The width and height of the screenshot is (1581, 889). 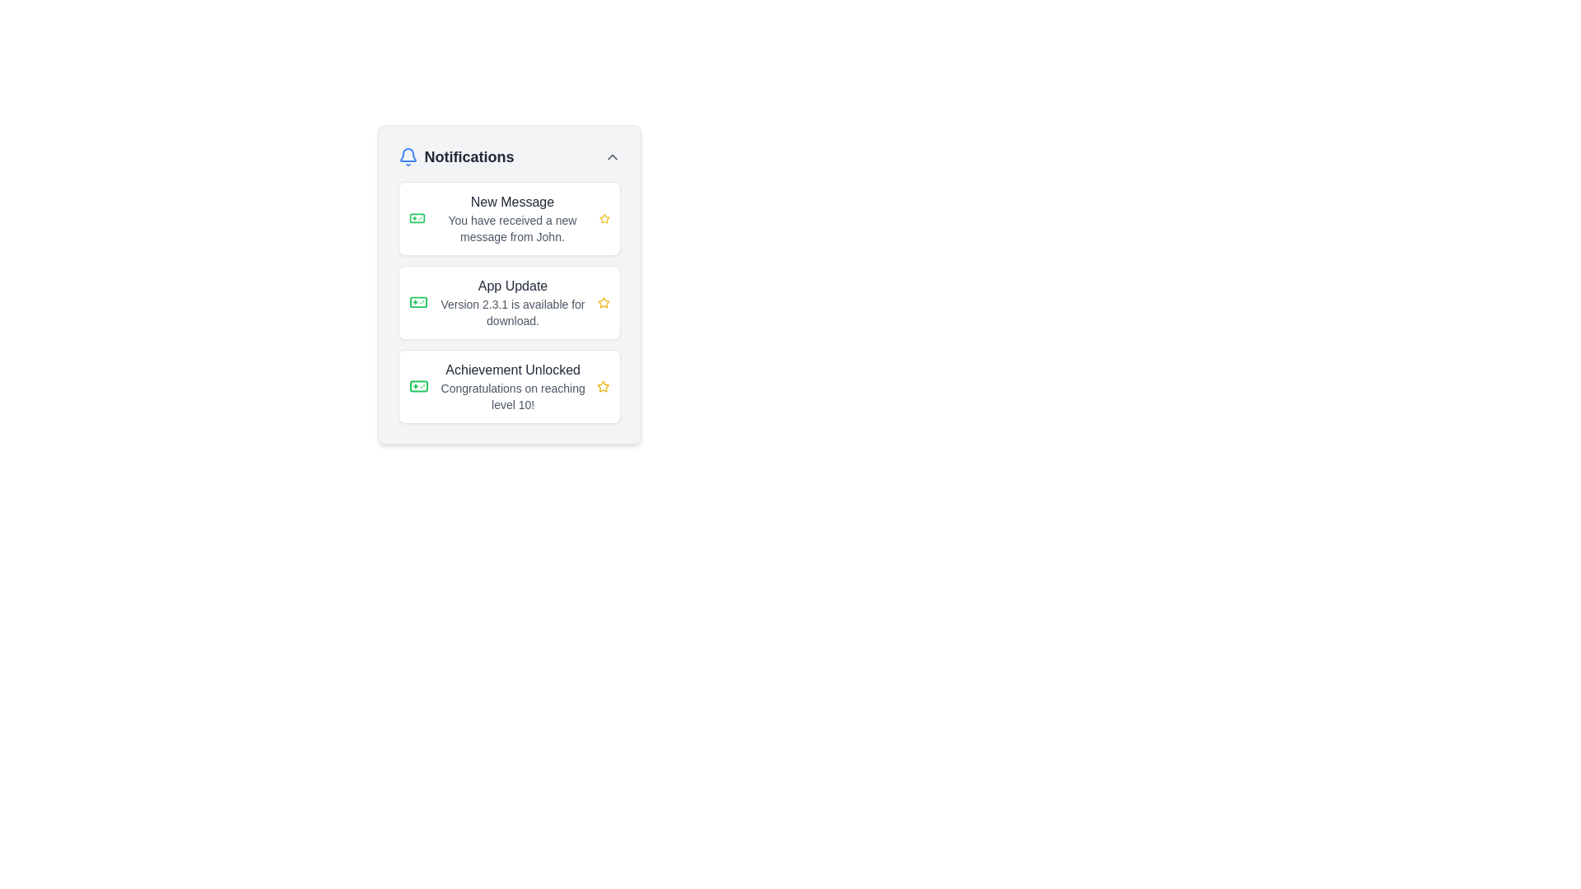 I want to click on the 'New Message' notification card, which is the first card in the vertical list inside the 'Notifications' panel, to acknowledge or view details, so click(x=511, y=218).